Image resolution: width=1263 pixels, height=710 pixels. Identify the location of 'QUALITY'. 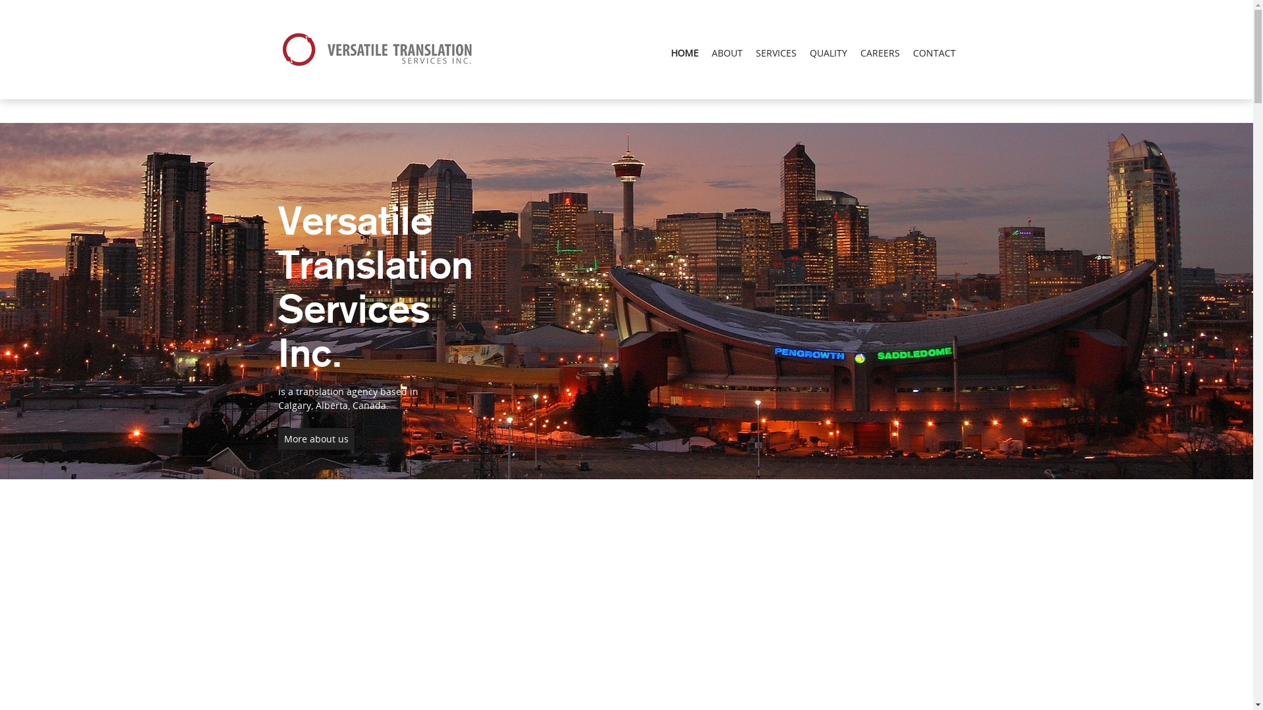
(827, 52).